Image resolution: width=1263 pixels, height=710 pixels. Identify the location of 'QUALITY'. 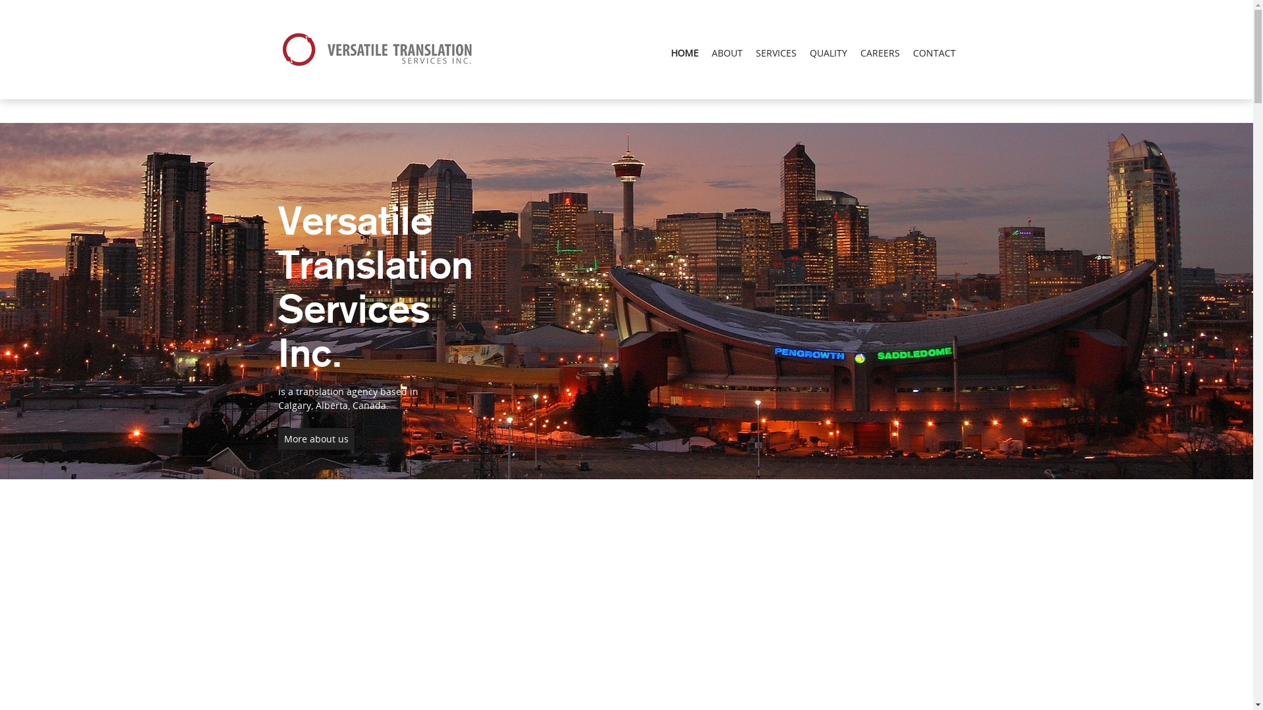
(827, 52).